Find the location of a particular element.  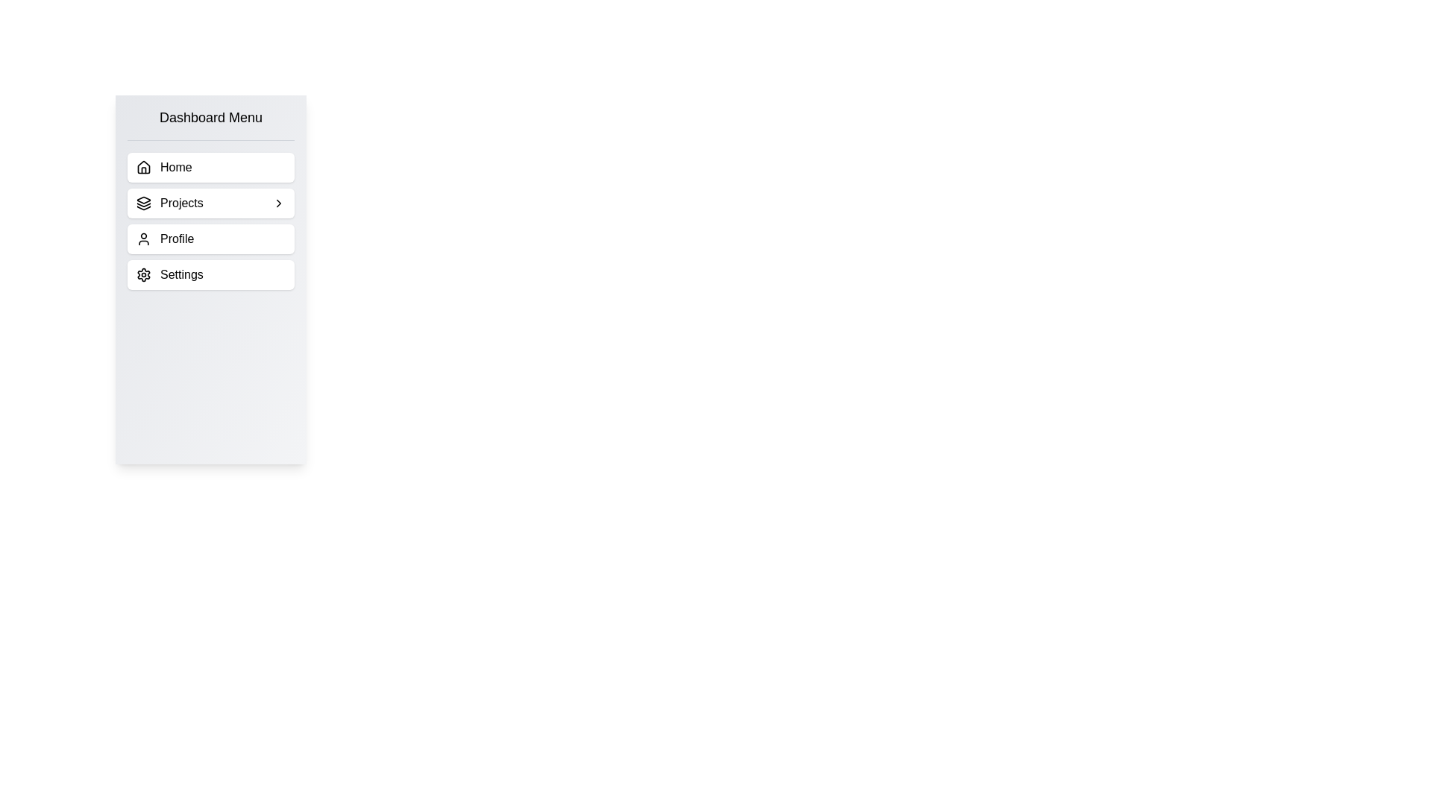

the forward arrow icon located at the far right end of the 'Projects' list item is located at coordinates (279, 203).